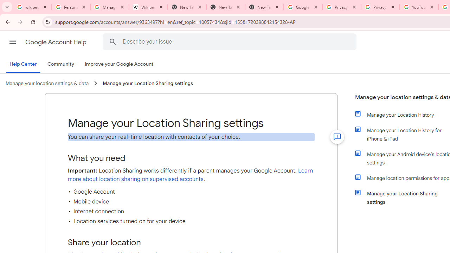  What do you see at coordinates (47, 83) in the screenshot?
I see `'Manage your location settings & data'` at bounding box center [47, 83].